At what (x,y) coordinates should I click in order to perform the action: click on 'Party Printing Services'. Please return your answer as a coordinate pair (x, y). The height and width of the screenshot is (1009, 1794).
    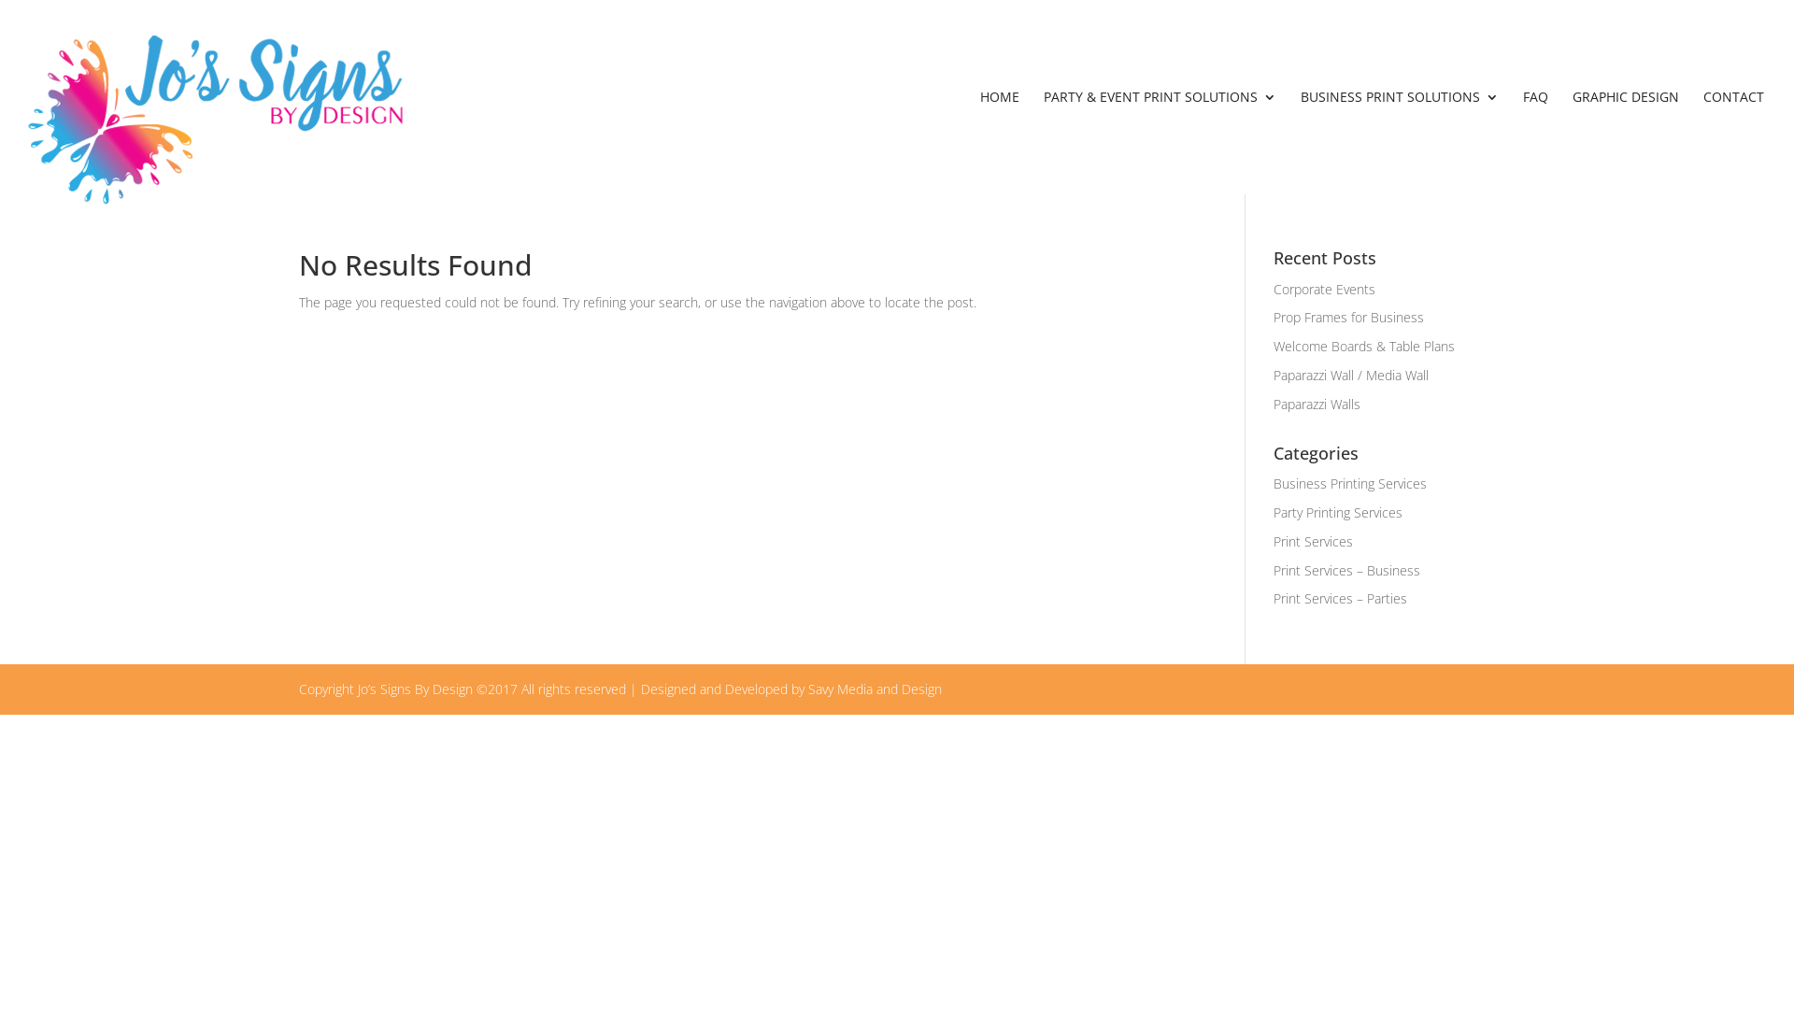
    Looking at the image, I should click on (1336, 512).